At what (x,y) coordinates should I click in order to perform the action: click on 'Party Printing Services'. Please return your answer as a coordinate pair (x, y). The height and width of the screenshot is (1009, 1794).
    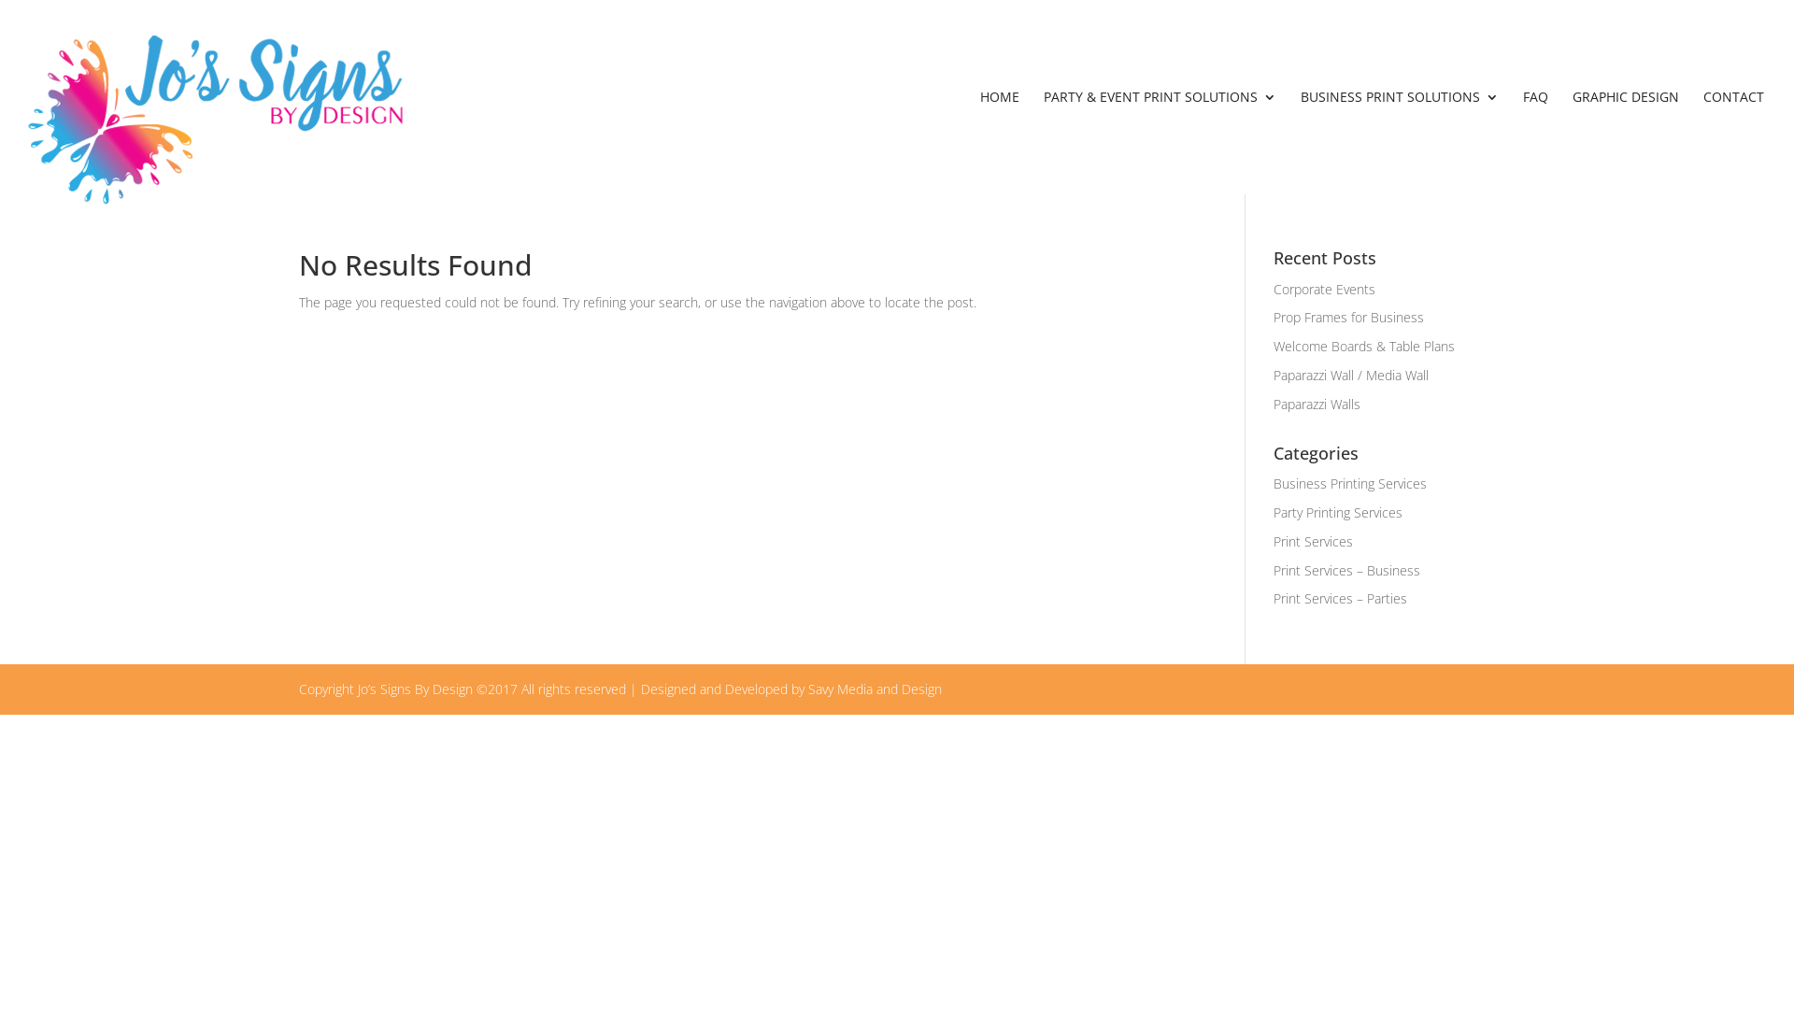
    Looking at the image, I should click on (1336, 512).